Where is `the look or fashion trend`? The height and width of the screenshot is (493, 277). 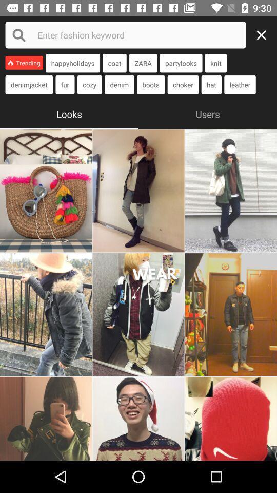 the look or fashion trend is located at coordinates (138, 419).